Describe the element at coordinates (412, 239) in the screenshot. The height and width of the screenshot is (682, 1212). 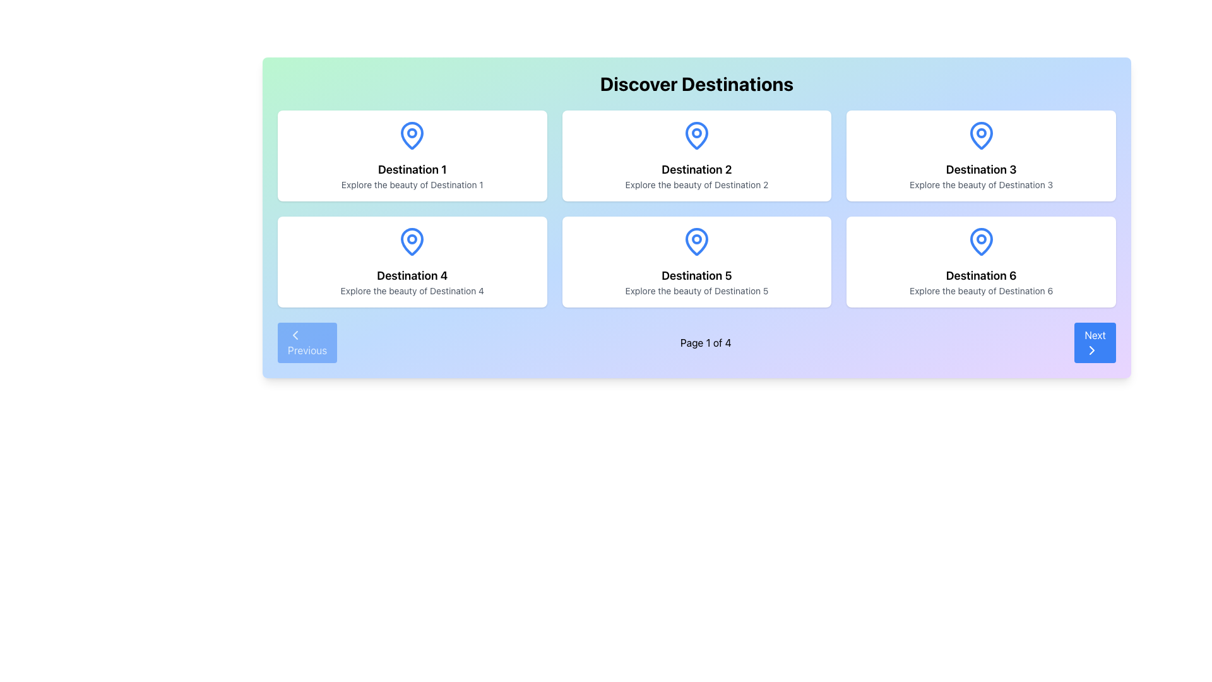
I see `the Icon component of the 'Destination 4' card, which is part of a location pin graphic located at the bottom-left corner of the grid layout` at that location.